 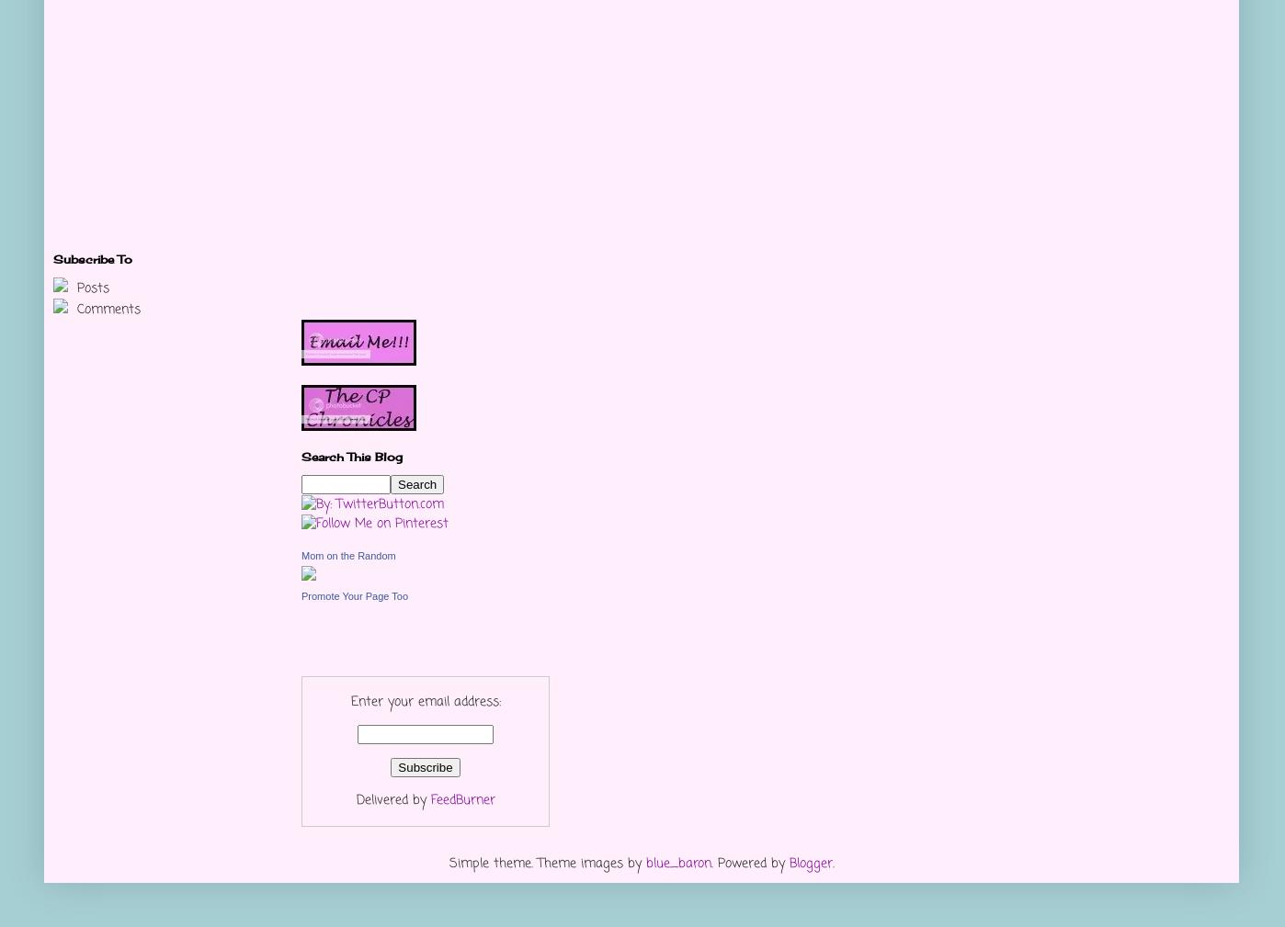 I want to click on 'Search This Blog', so click(x=301, y=456).